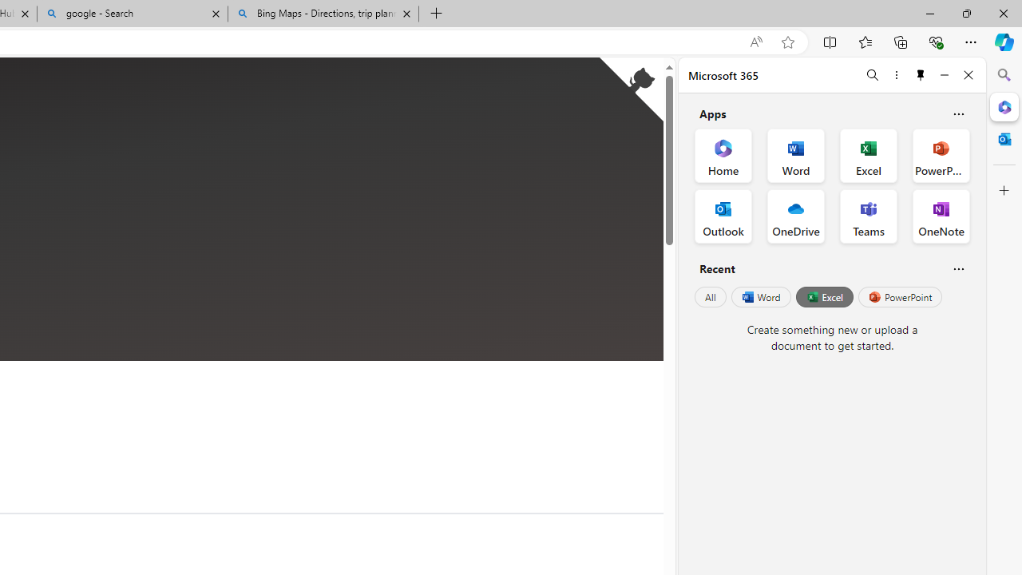  What do you see at coordinates (796, 216) in the screenshot?
I see `'OneDrive Office App'` at bounding box center [796, 216].